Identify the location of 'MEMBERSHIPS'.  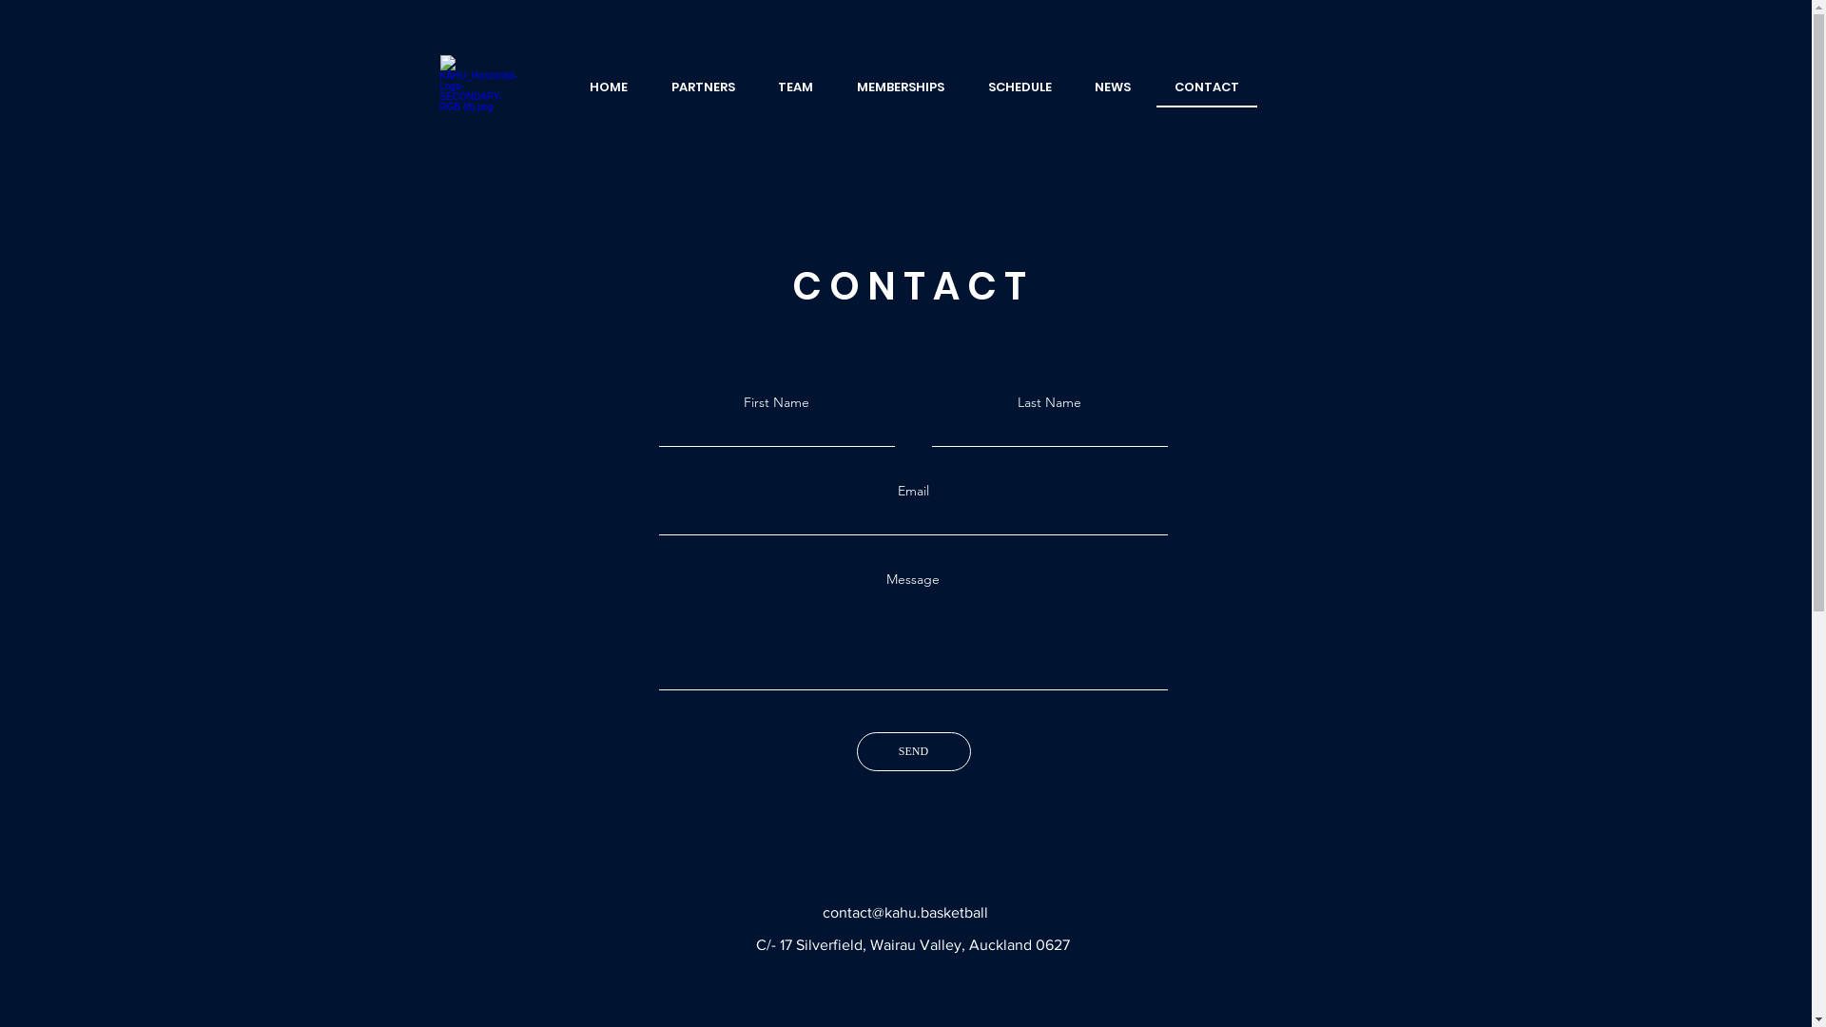
(899, 87).